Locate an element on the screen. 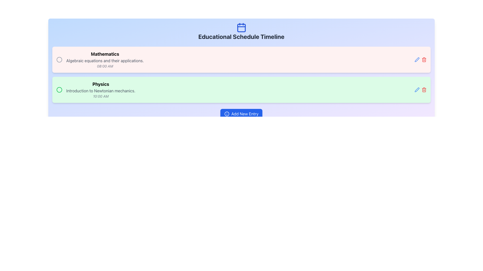  the visual status conveyed by the green circular indicator located beside the 'Introduction to Newtonian mechanics' text in the 'Physics' entry is located at coordinates (59, 90).